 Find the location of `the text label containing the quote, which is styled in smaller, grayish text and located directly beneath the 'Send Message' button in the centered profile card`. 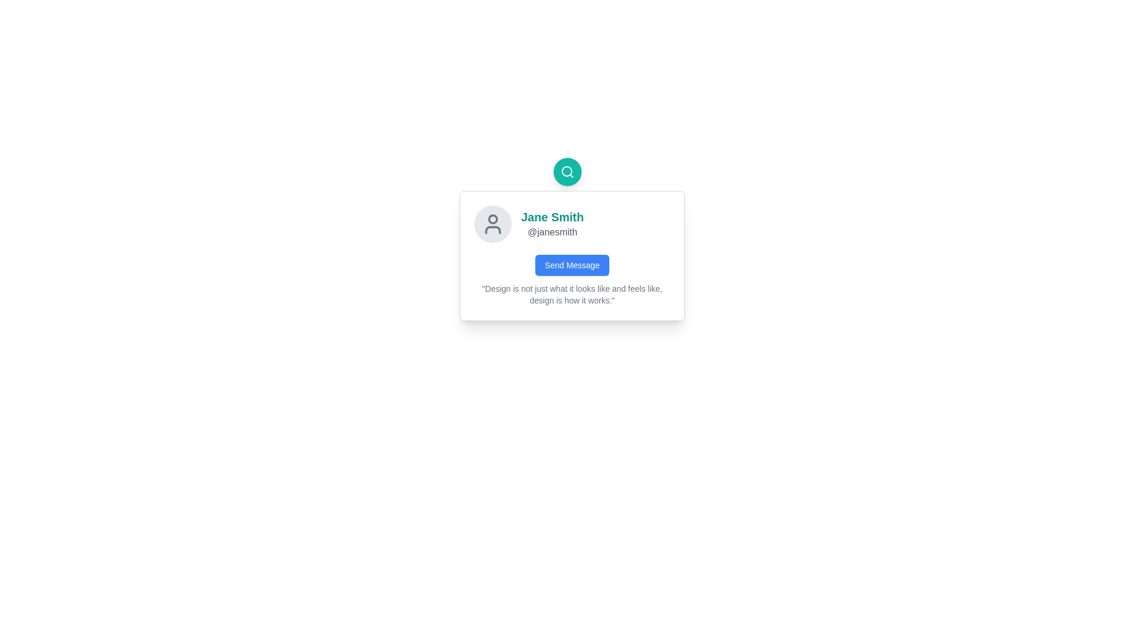

the text label containing the quote, which is styled in smaller, grayish text and located directly beneath the 'Send Message' button in the centered profile card is located at coordinates (572, 294).